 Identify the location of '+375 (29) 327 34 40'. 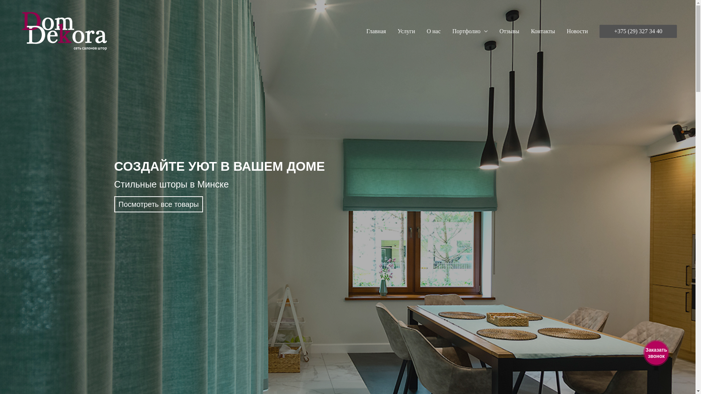
(637, 31).